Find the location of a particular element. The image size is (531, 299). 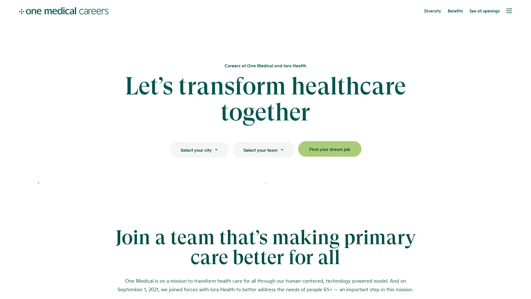

Select your team is located at coordinates (263, 149).